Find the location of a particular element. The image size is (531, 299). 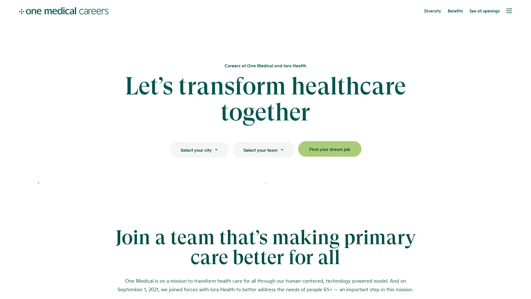

Select your team is located at coordinates (263, 149).